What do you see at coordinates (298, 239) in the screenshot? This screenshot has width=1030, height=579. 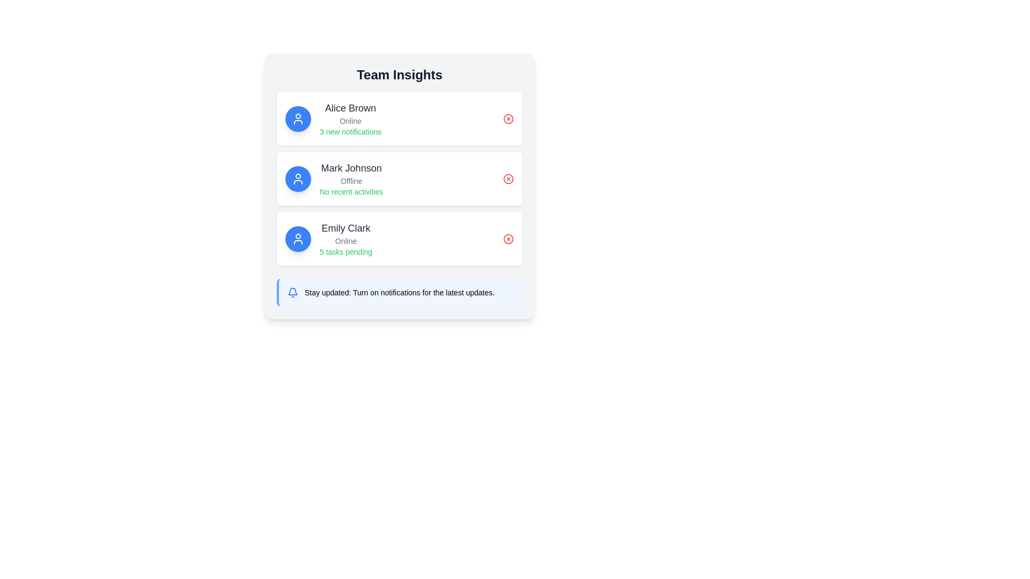 I see `the circular blue icon placeholder with a white user silhouette representing 'Emily Clark' in the third group under 'Team Insights'` at bounding box center [298, 239].